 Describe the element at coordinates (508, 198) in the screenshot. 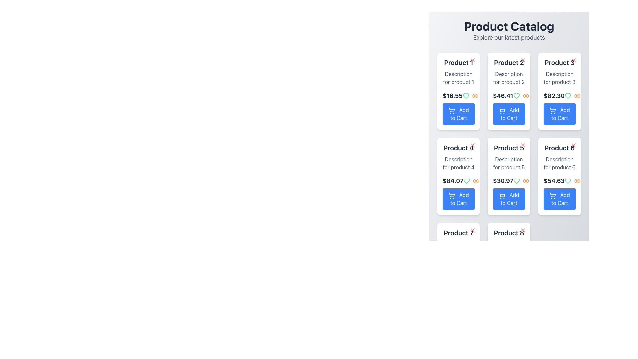

I see `the 'Add to Cart' button with a blue background and rounded edges located in the card for 'Product 5'` at that location.